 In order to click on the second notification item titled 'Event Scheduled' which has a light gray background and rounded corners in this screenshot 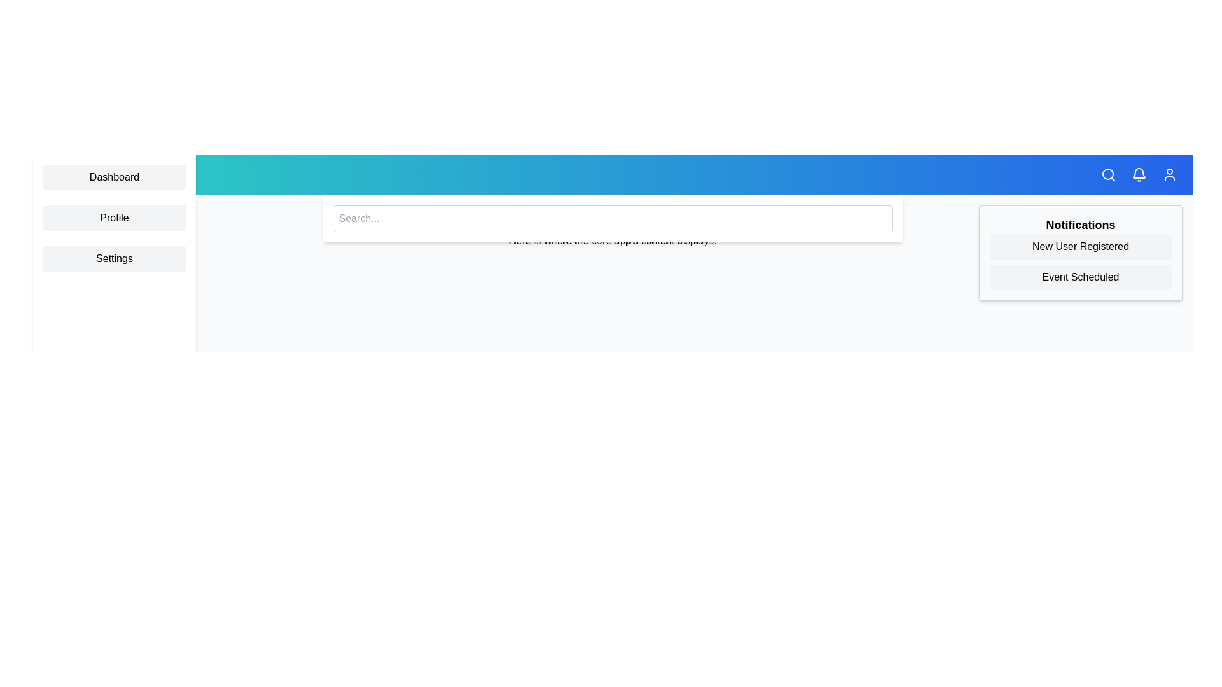, I will do `click(1080, 276)`.